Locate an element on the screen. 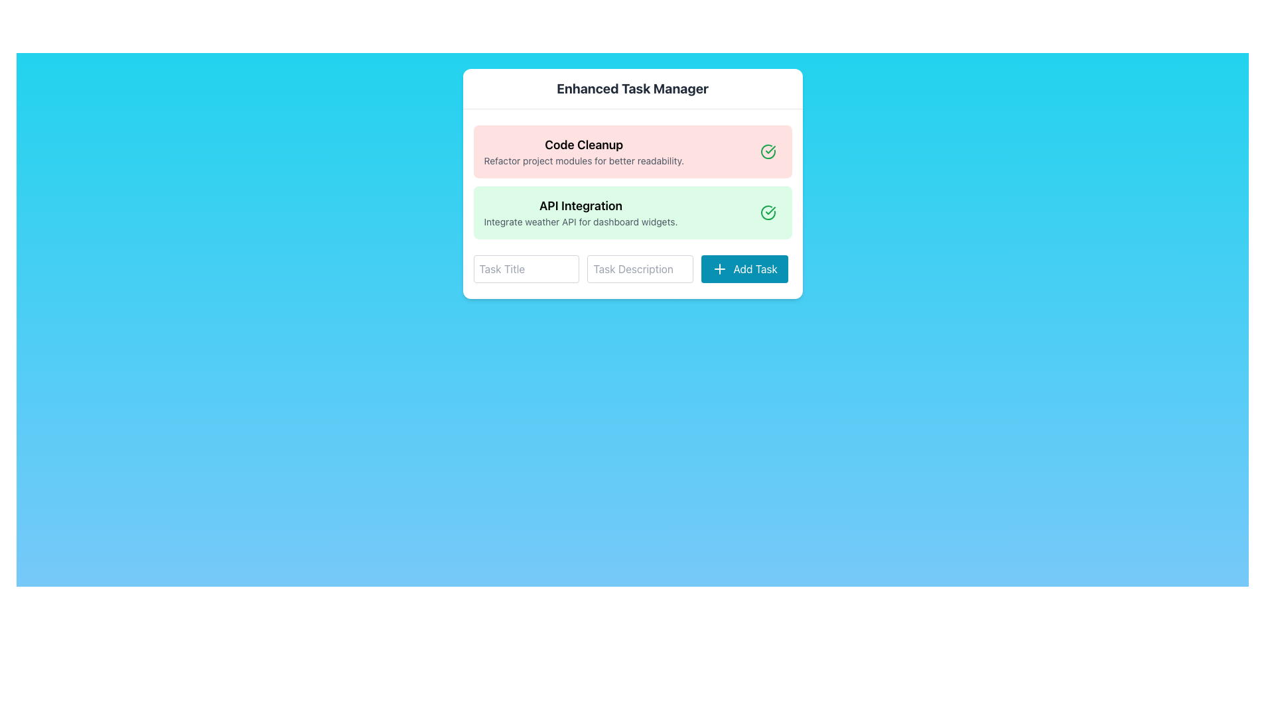  the second task entry in the task management interface, located below the 'Code Cleanup' task is located at coordinates (632, 211).